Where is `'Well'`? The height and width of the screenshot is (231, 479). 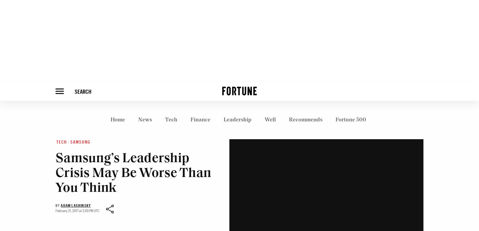 'Well' is located at coordinates (270, 120).